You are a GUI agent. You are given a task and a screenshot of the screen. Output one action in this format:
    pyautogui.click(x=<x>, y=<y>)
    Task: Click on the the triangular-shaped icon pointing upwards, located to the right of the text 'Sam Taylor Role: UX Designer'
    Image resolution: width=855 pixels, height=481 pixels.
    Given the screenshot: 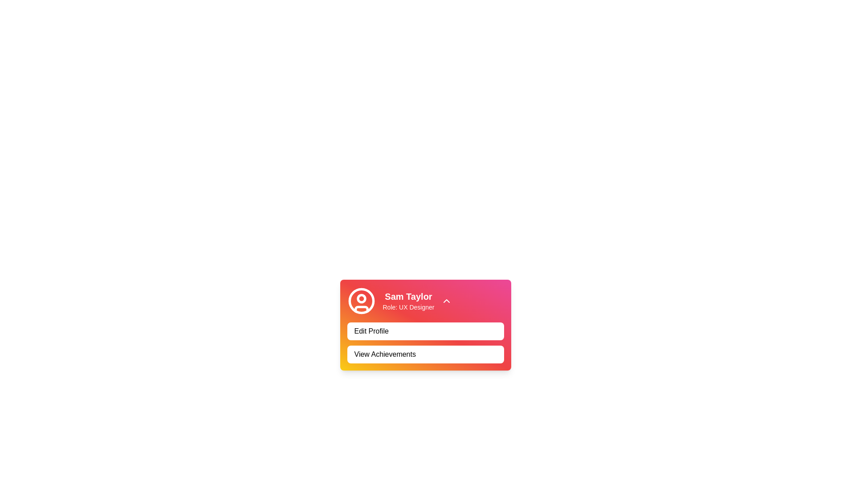 What is the action you would take?
    pyautogui.click(x=447, y=301)
    